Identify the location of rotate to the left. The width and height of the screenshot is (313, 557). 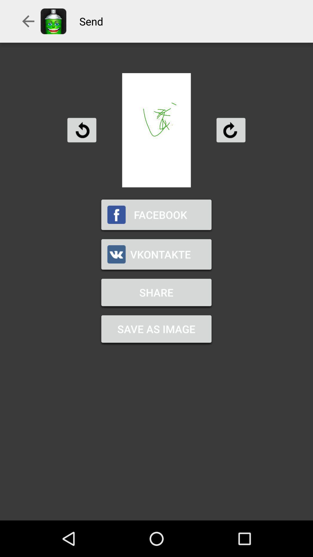
(82, 130).